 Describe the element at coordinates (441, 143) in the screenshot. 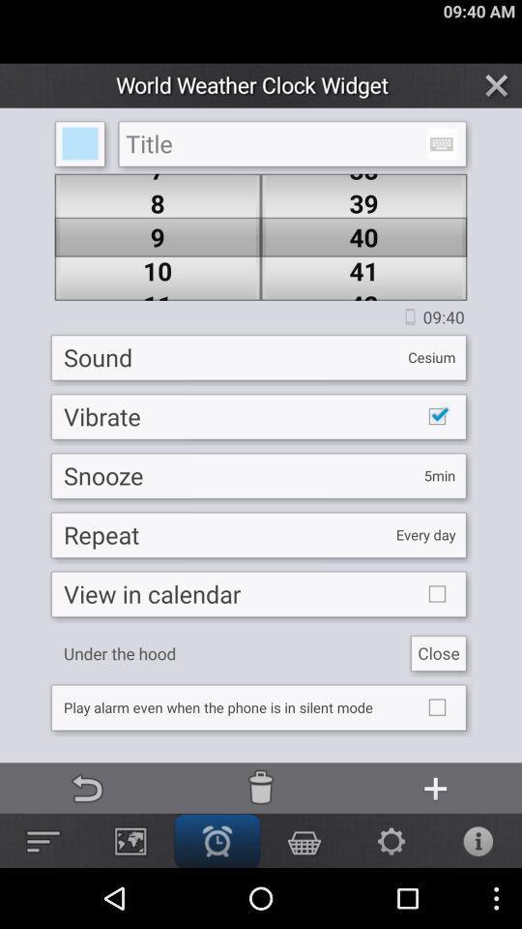

I see `open keyboard` at that location.